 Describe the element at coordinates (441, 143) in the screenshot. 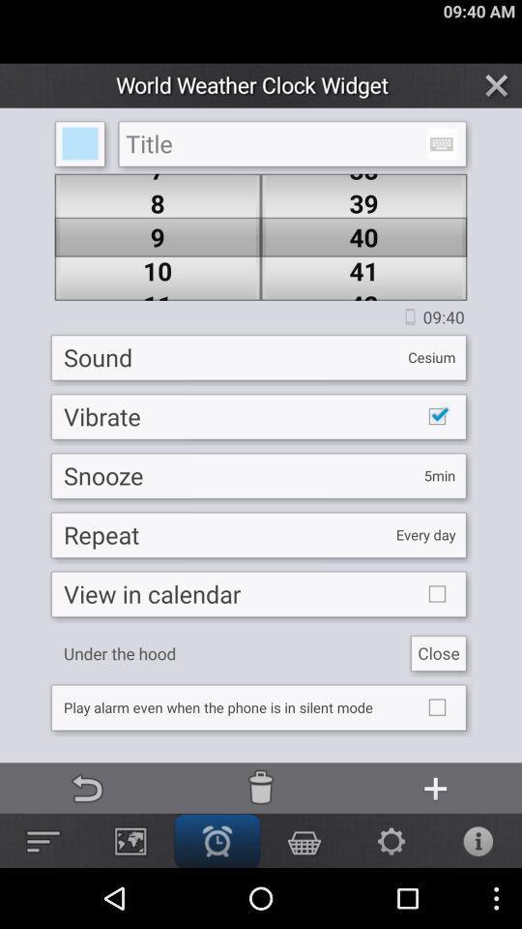

I see `open keyboard` at that location.